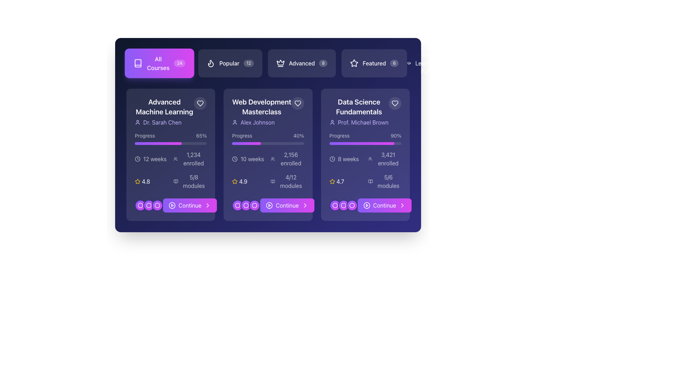 This screenshot has height=380, width=676. I want to click on the label displaying '5/6 modules' with an open book icon, located at the bottom-right section of the 'Data Science Fundamentals' course card, so click(384, 181).